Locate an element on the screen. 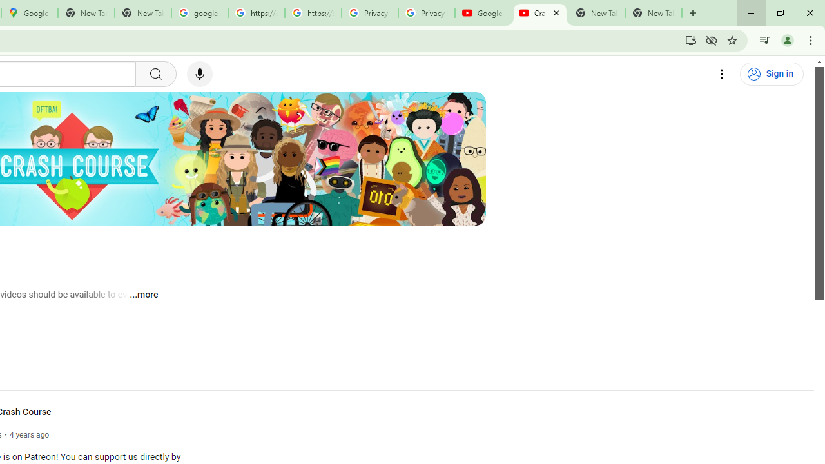  'Google - YouTube' is located at coordinates (483, 13).